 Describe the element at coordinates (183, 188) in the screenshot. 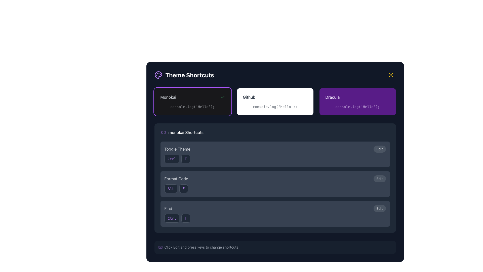

I see `the 'F' key indicator element, which represents the second part of the 'Alt + F' keyboard shortcut for formatting code, located in the 'monokai Shortcuts' section under the 'Format Code' label` at that location.